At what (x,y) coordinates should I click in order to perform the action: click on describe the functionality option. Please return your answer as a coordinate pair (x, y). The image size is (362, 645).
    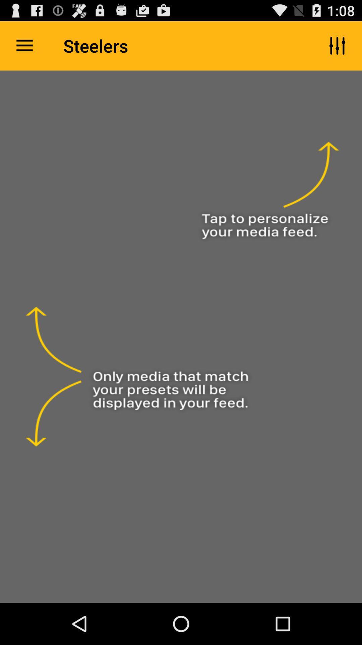
    Looking at the image, I should click on (181, 337).